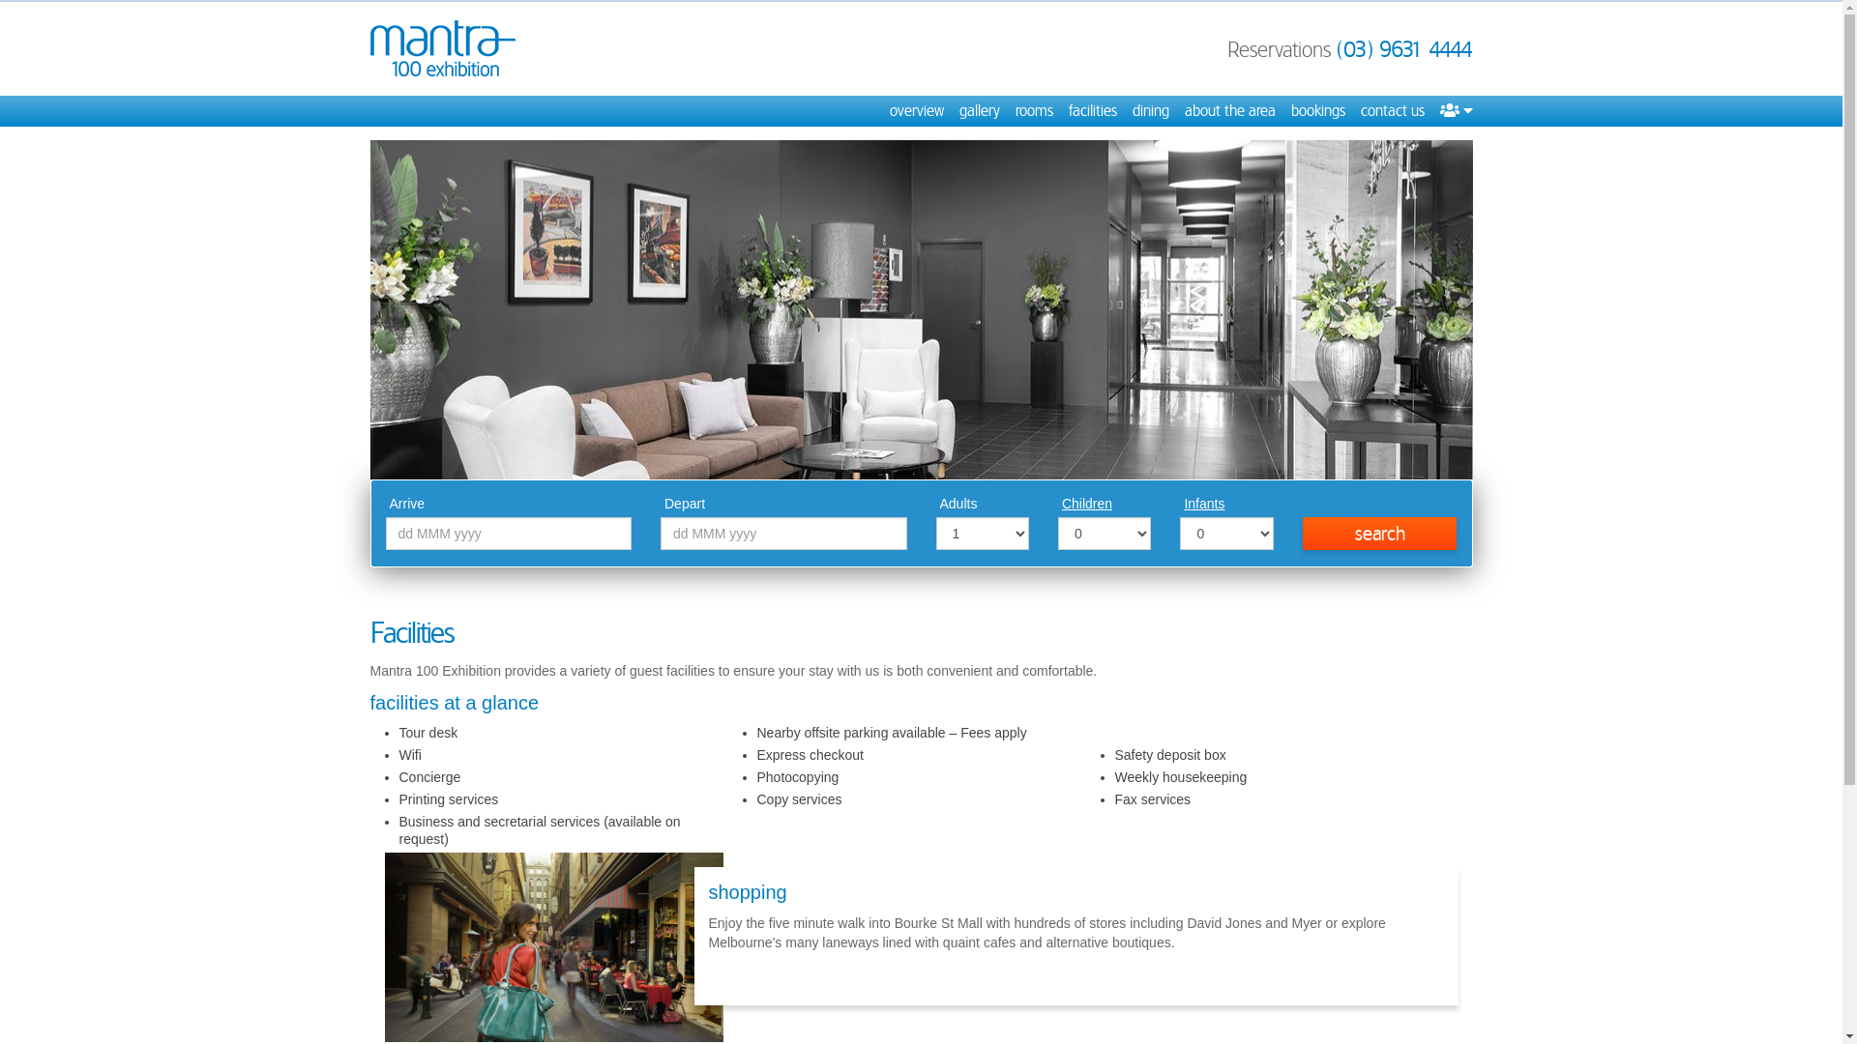 The width and height of the screenshot is (1857, 1044). I want to click on 'dining', so click(1150, 111).